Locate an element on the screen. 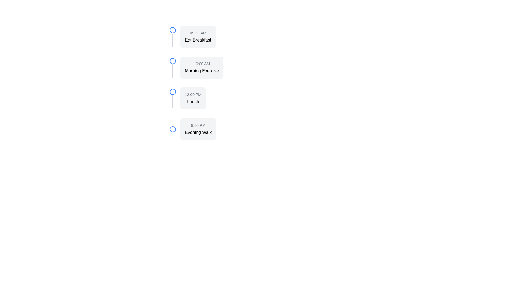  the first listed entry in the vertical timeline that represents an activity, located above 'Morning Exercise', 'Lunch', and 'Evening Walk' is located at coordinates (226, 37).